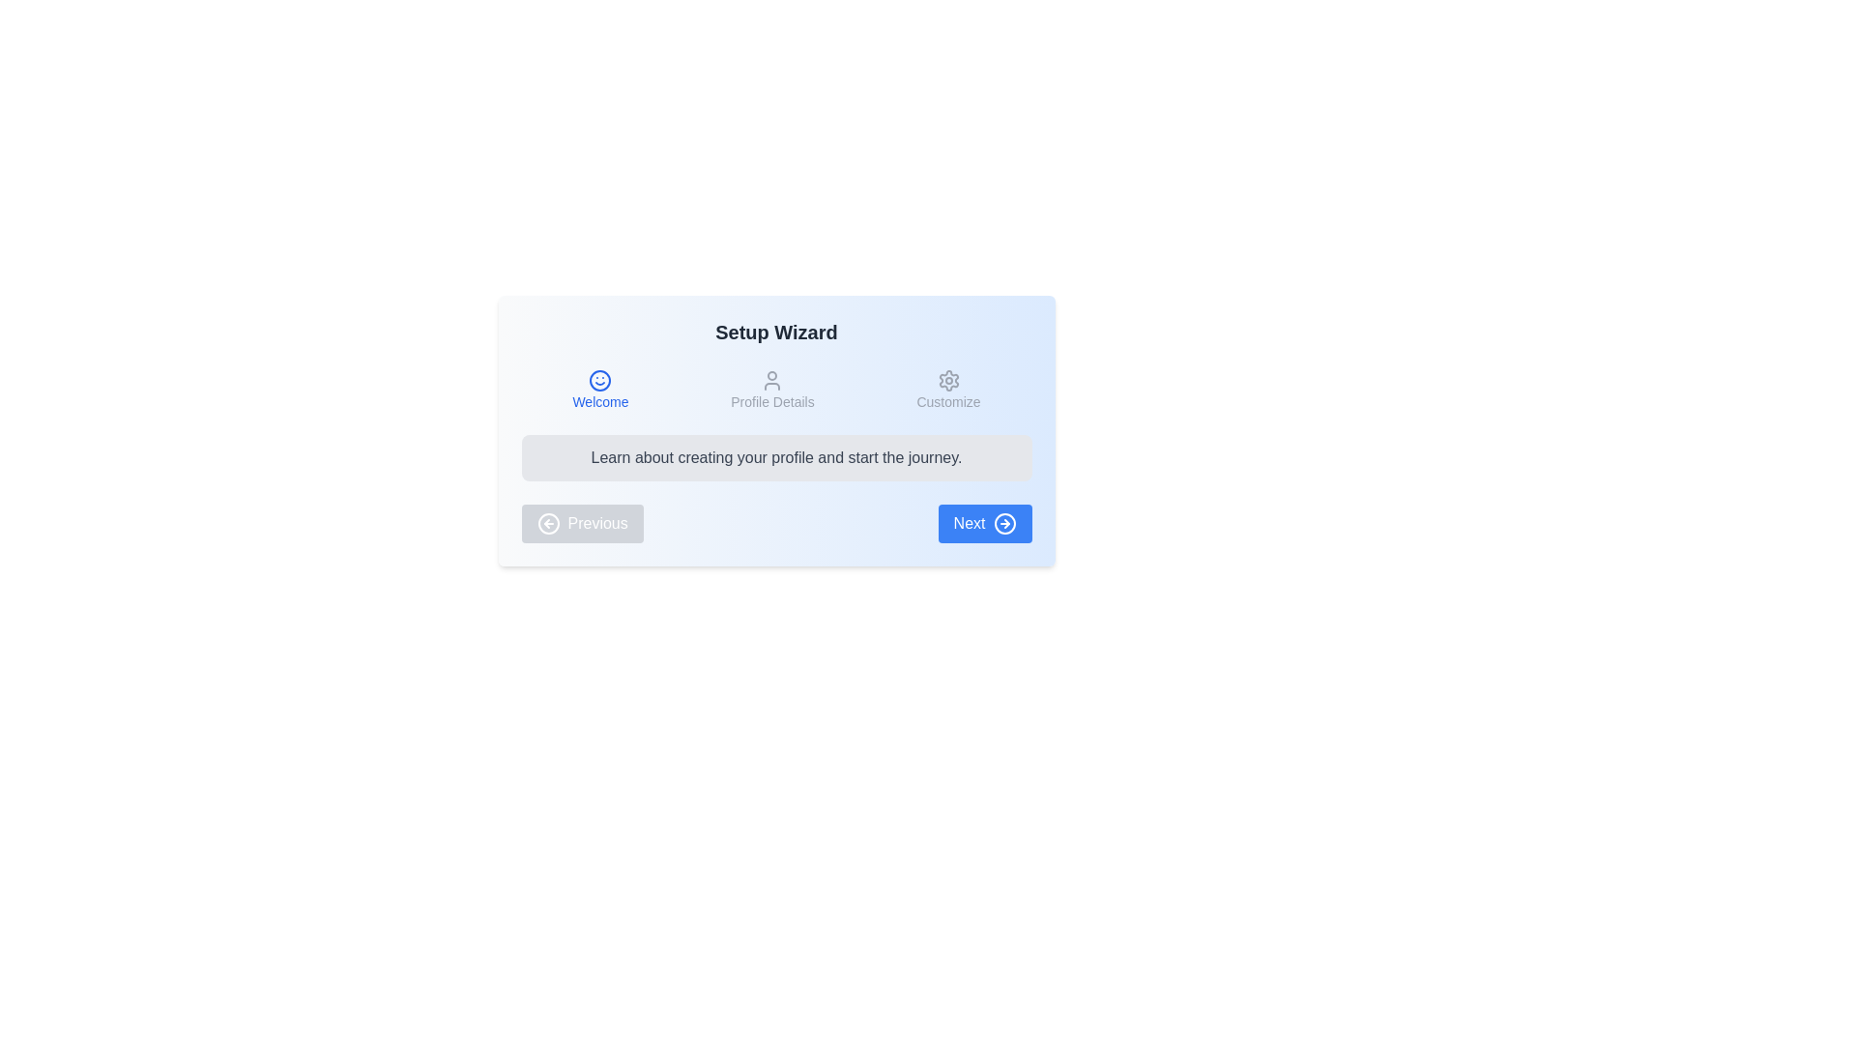 The height and width of the screenshot is (1044, 1856). Describe the element at coordinates (948, 391) in the screenshot. I see `the 'Customize' button, which features a gear icon and is the third element in a horizontal sequence` at that location.